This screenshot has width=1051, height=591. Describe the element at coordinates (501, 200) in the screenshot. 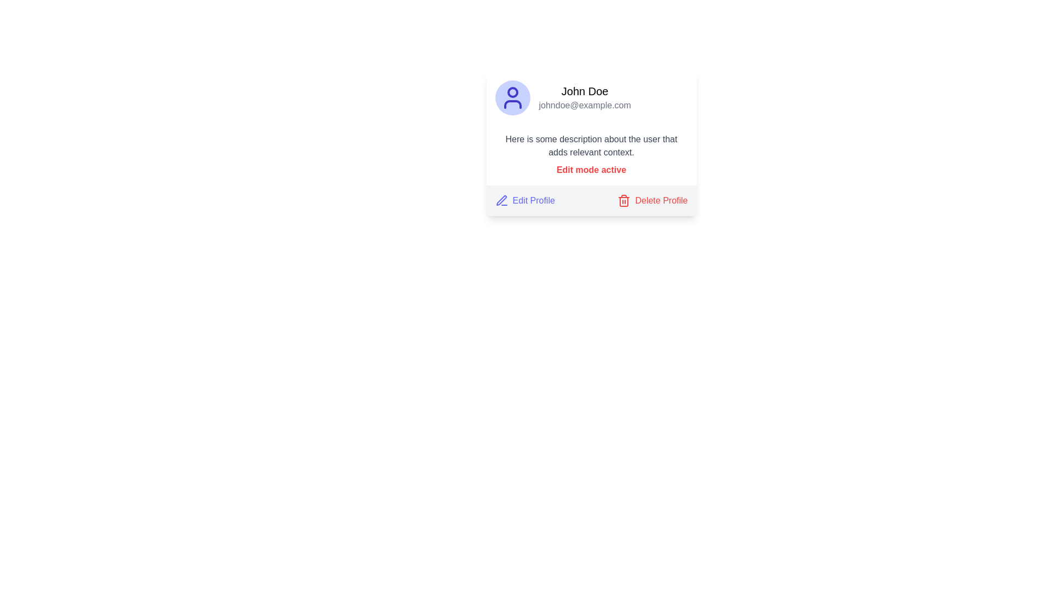

I see `the decorative pen icon that visually represents the editing feature next to the 'Edit Profile' button` at that location.